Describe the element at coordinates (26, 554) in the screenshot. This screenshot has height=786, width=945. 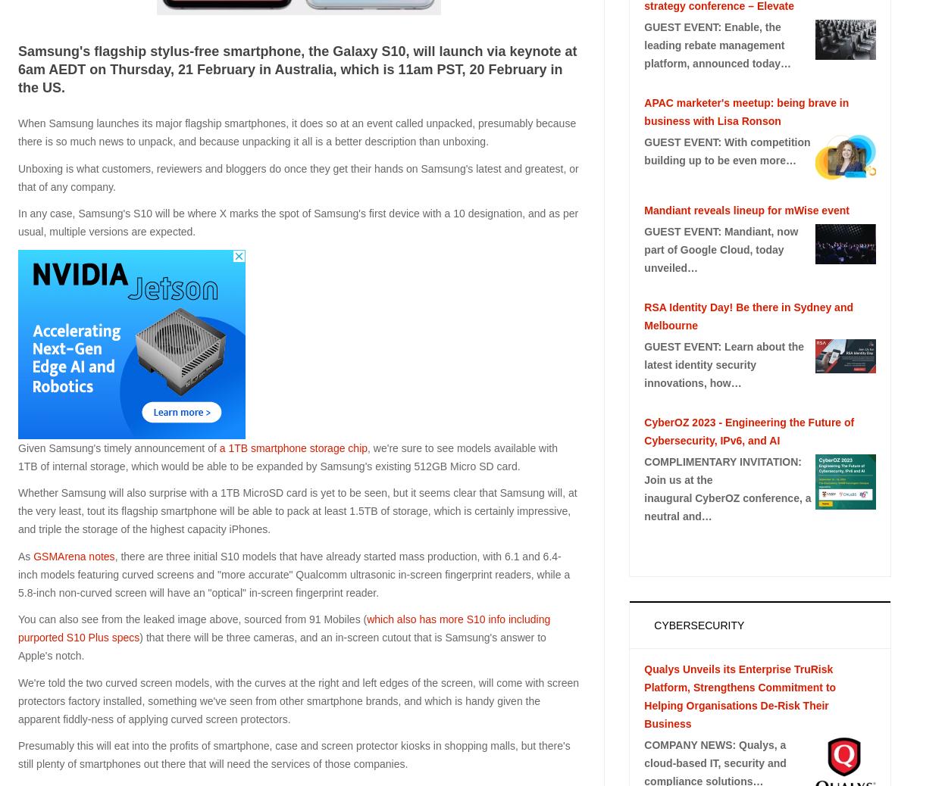
I see `'As'` at that location.